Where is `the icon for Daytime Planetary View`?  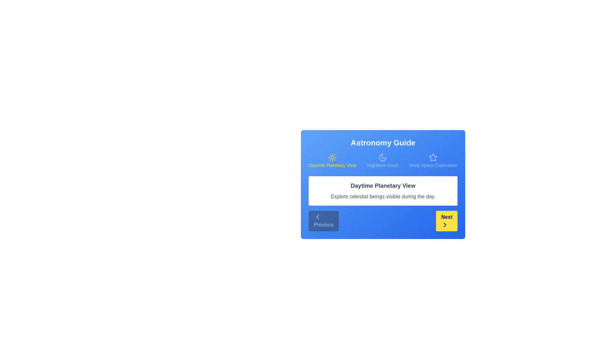
the icon for Daytime Planetary View is located at coordinates (332, 158).